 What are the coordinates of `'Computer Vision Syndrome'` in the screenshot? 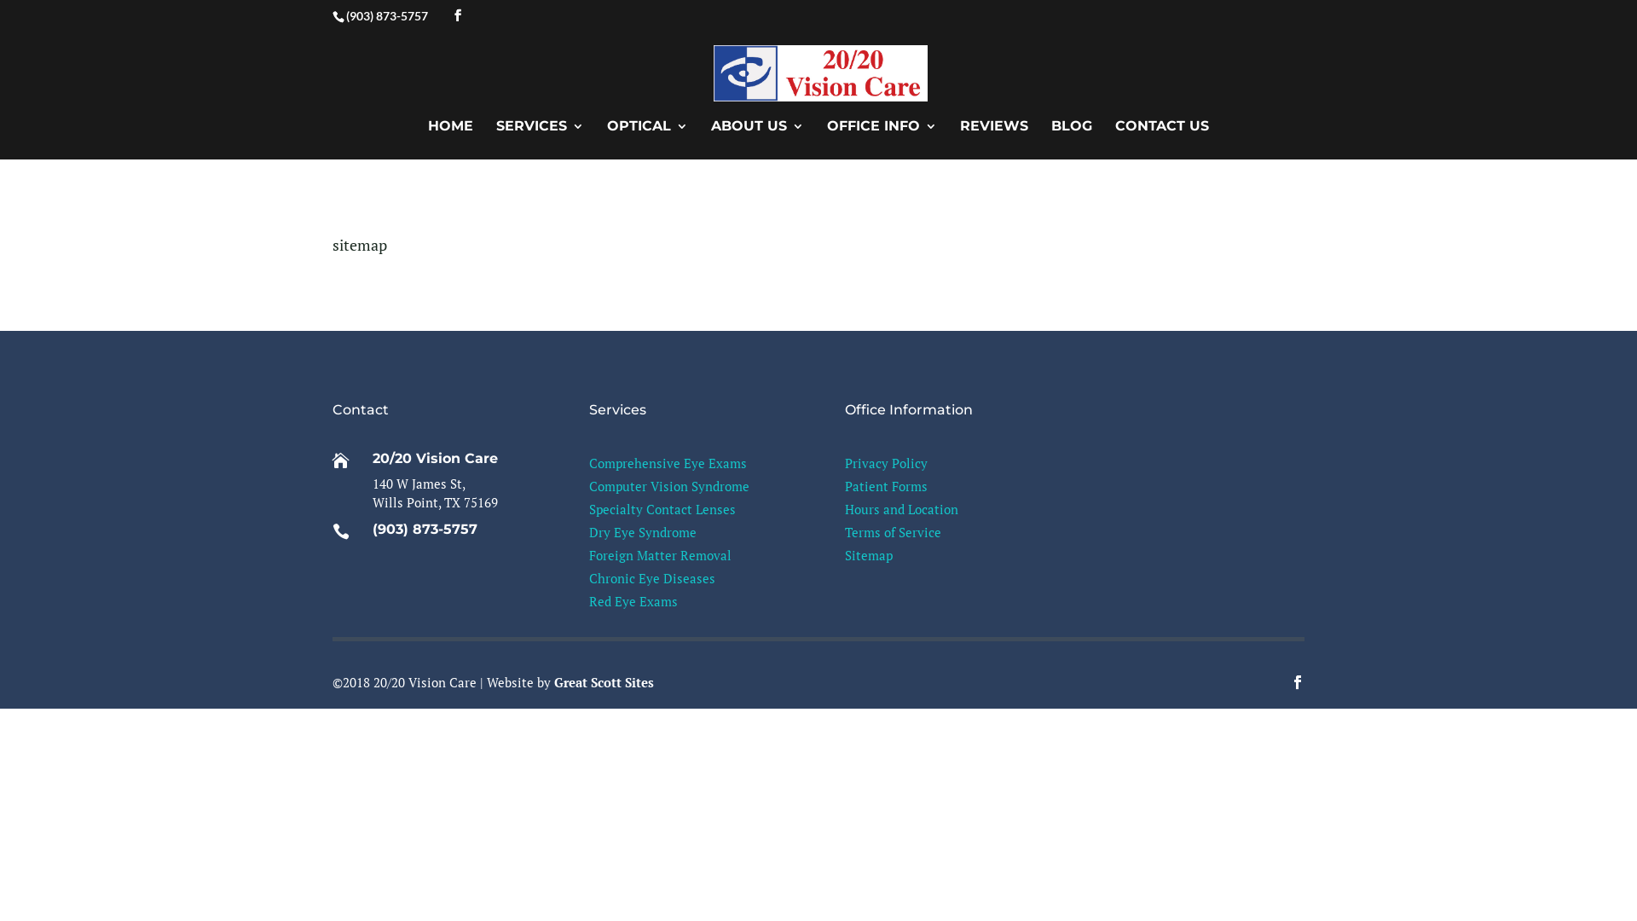 It's located at (668, 486).